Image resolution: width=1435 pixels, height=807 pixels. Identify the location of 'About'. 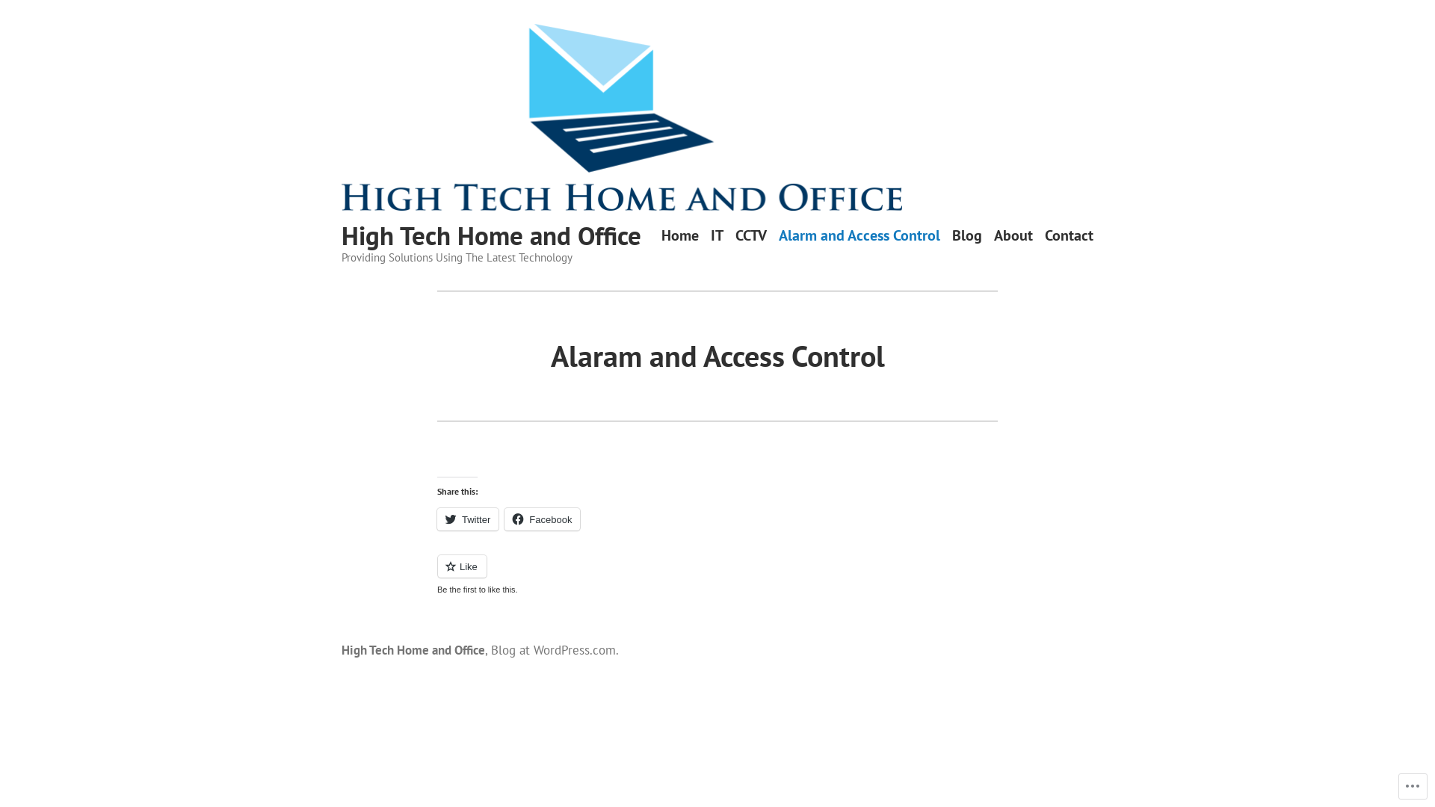
(993, 235).